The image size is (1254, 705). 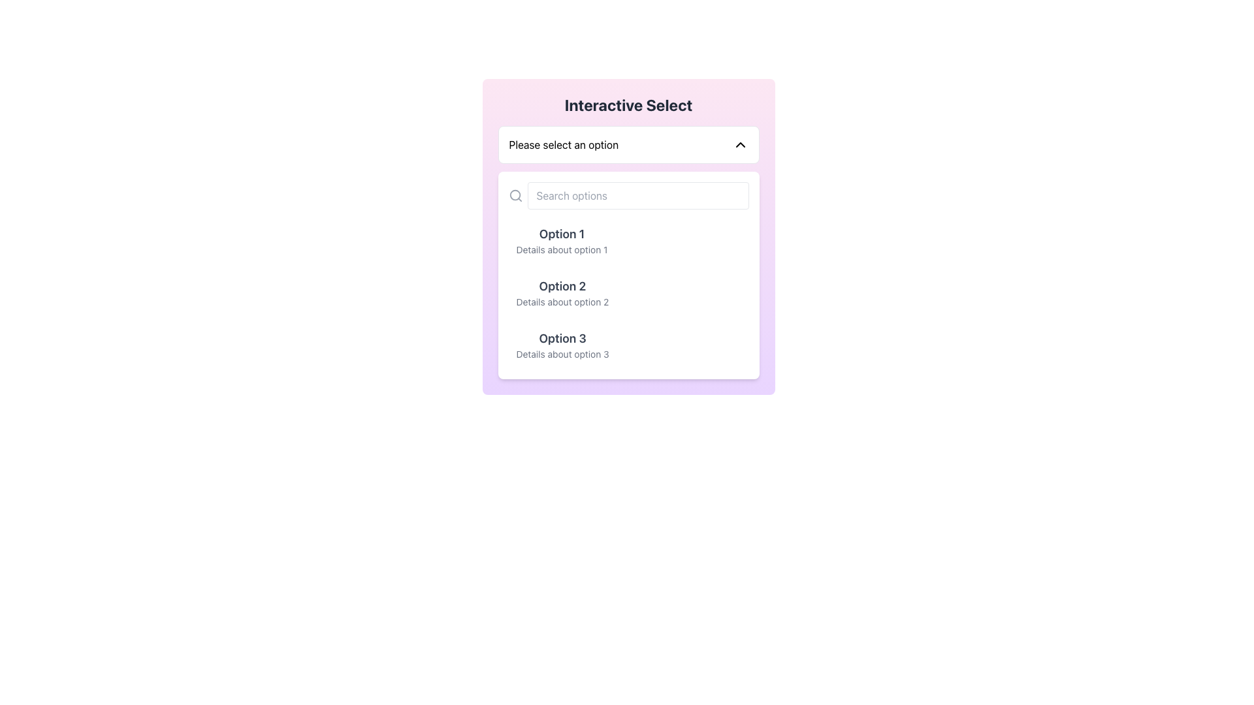 I want to click on the text label 'Details about option 3' which is styled in gray and located beneath the 'Option 3' heading within the third selectable option, so click(x=562, y=354).